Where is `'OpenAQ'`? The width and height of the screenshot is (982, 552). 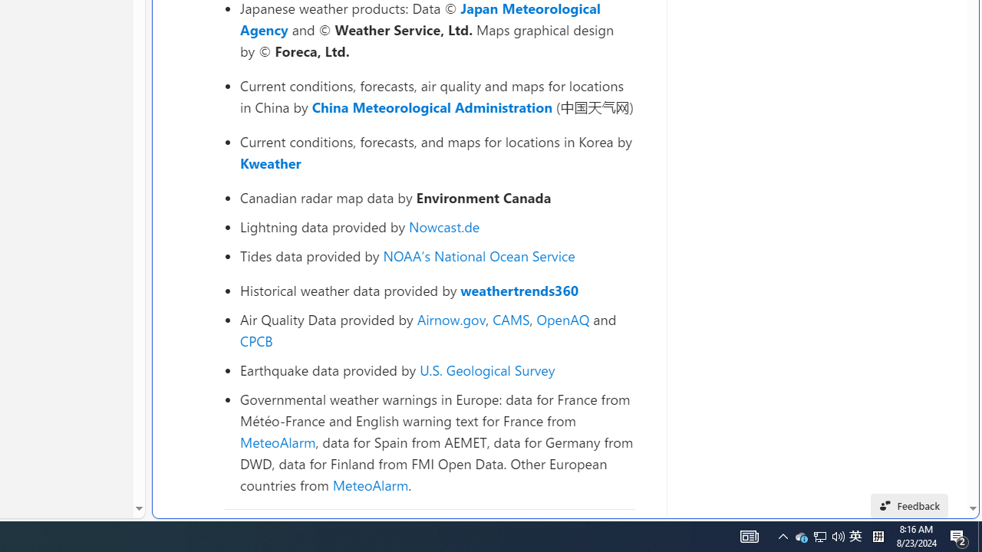 'OpenAQ' is located at coordinates (562, 318).